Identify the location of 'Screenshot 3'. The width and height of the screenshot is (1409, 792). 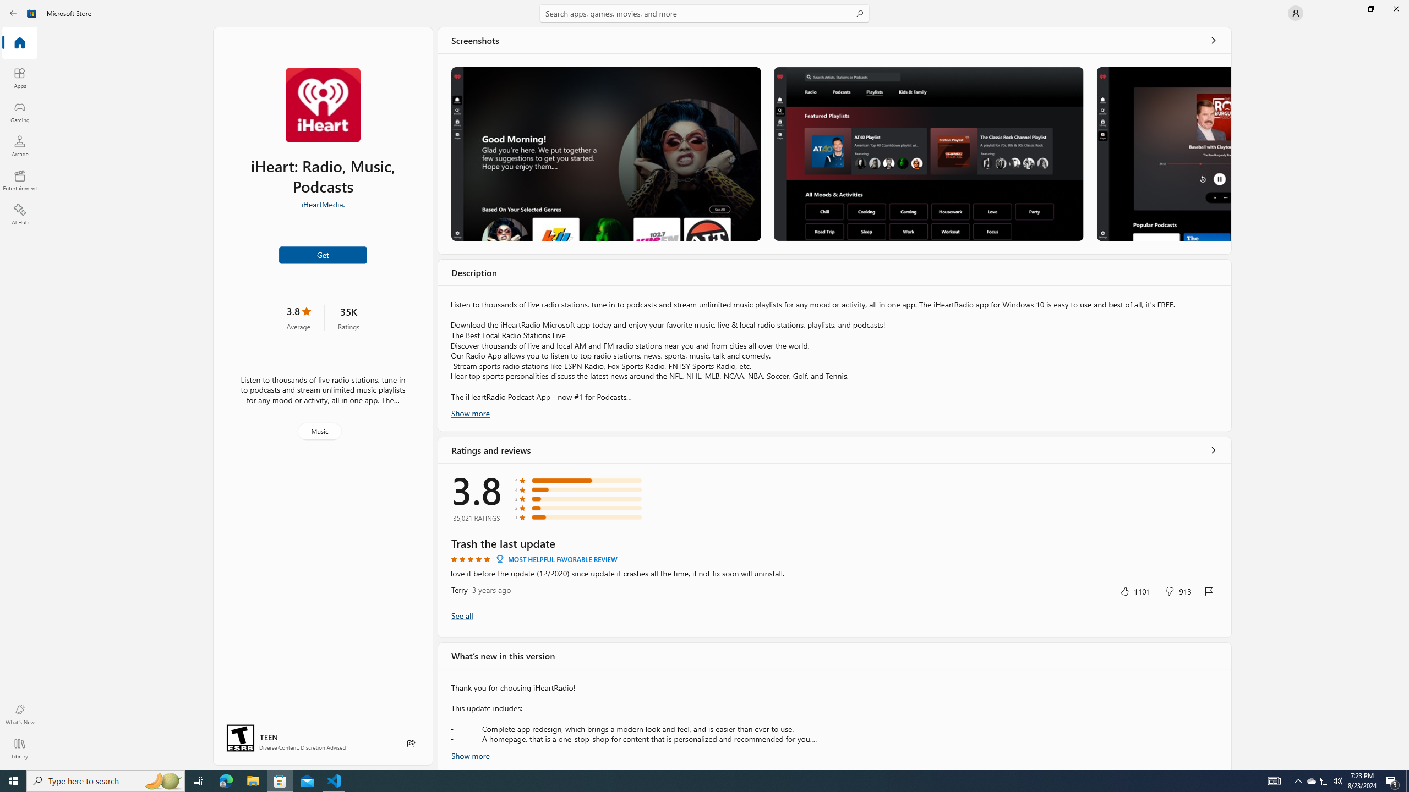
(1162, 153).